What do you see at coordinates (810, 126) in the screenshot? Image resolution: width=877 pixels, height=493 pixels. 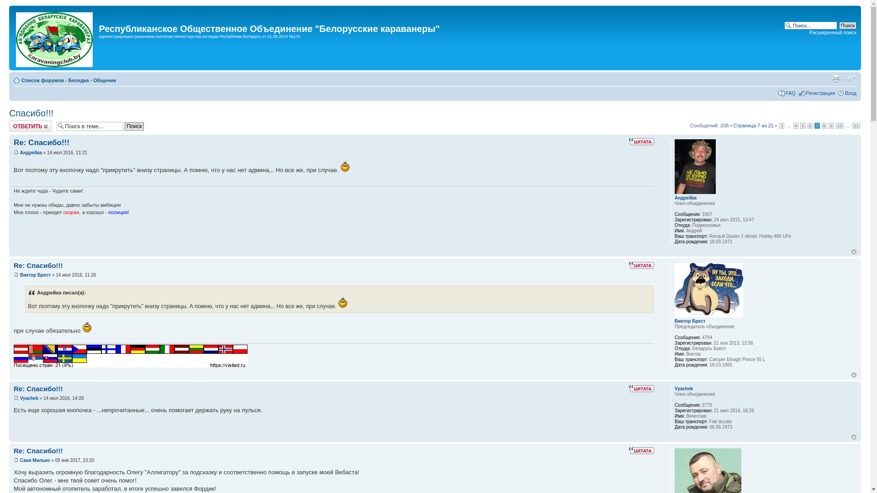 I see `'6'` at bounding box center [810, 126].